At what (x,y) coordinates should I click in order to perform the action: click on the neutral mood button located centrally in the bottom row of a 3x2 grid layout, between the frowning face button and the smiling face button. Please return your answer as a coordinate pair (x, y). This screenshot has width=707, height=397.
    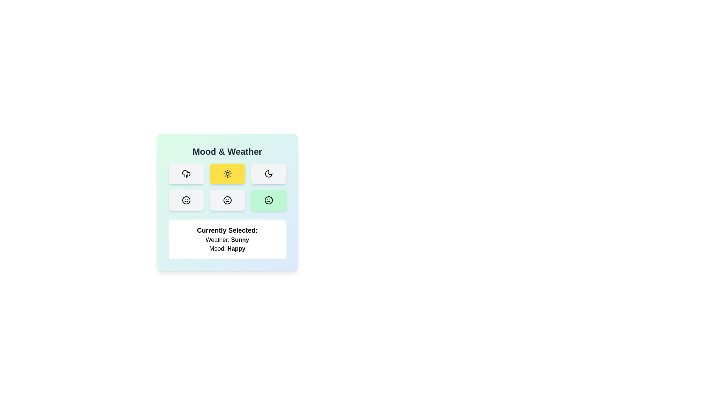
    Looking at the image, I should click on (227, 200).